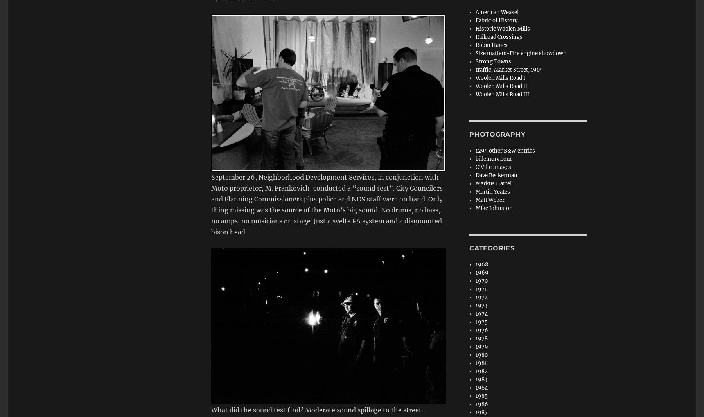 The width and height of the screenshot is (704, 417). I want to click on '1981', so click(481, 363).